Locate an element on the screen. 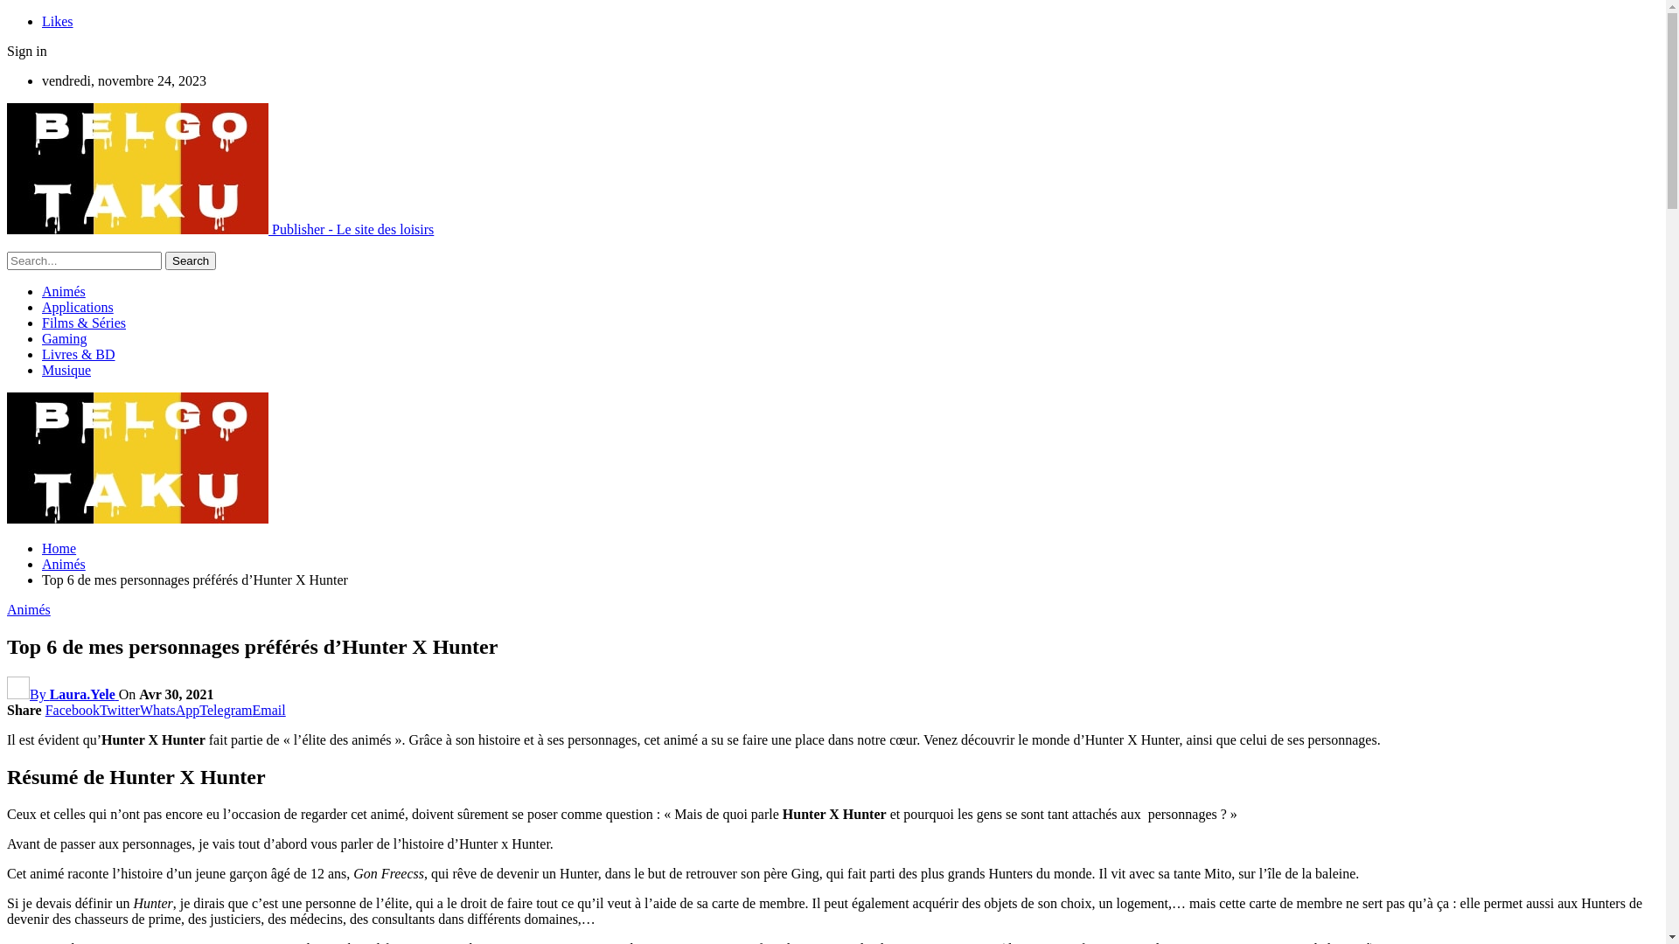  'Likes' is located at coordinates (58, 21).